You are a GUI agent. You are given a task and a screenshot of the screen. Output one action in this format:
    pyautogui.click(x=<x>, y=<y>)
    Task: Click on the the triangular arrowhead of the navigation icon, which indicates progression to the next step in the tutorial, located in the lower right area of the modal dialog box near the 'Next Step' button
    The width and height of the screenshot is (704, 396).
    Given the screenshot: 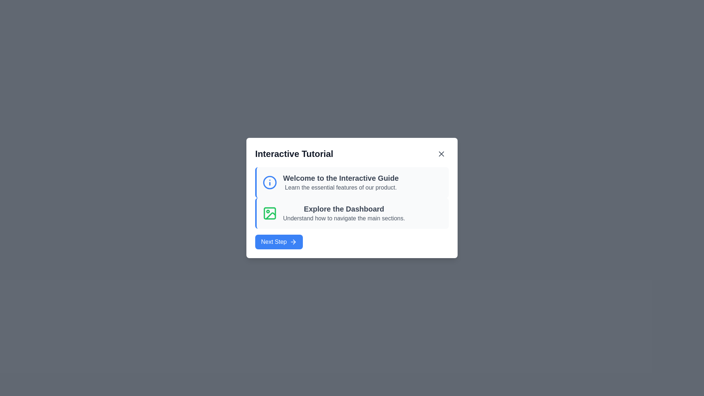 What is the action you would take?
    pyautogui.click(x=294, y=242)
    